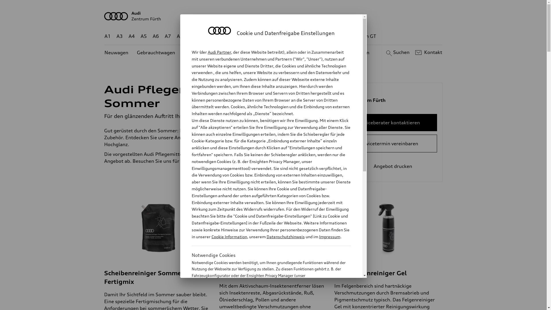 The width and height of the screenshot is (551, 310). What do you see at coordinates (104, 36) in the screenshot?
I see `'A1'` at bounding box center [104, 36].